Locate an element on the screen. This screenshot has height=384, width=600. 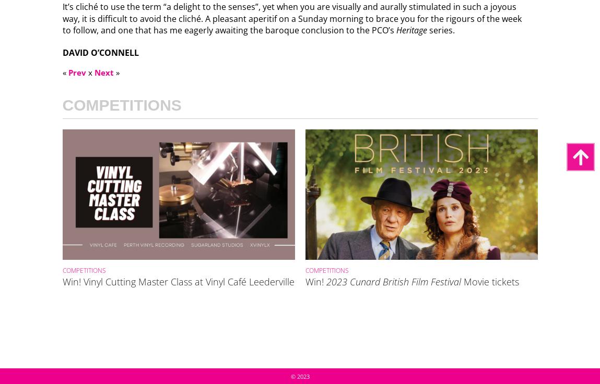
'Win!' is located at coordinates (315, 281).